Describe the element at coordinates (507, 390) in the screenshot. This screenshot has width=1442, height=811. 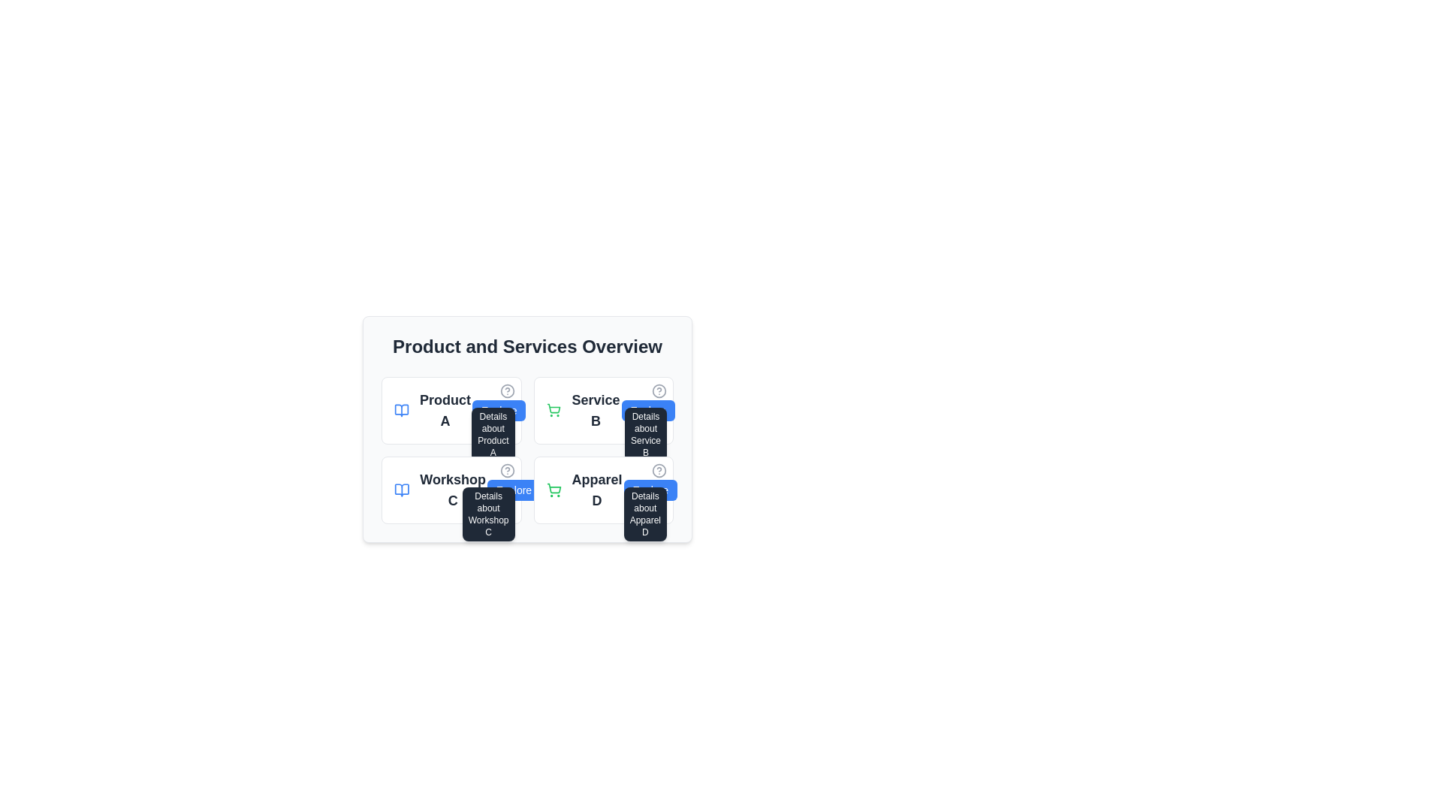
I see `the help icon located at the top-right corner of the 'Product A' card, adjacent to the title 'Product A'` at that location.